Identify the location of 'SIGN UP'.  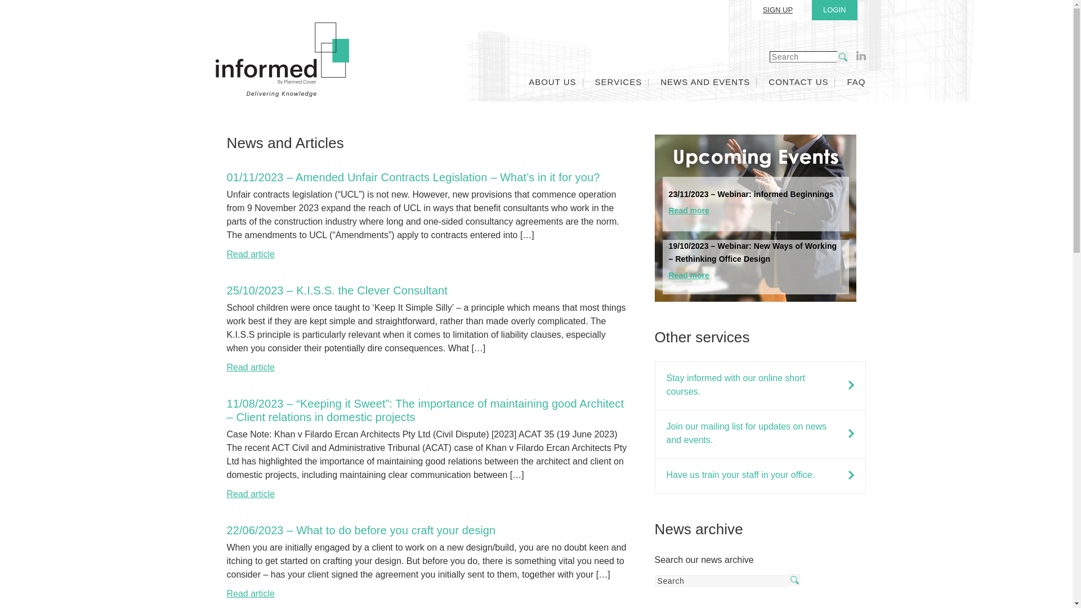
(751, 10).